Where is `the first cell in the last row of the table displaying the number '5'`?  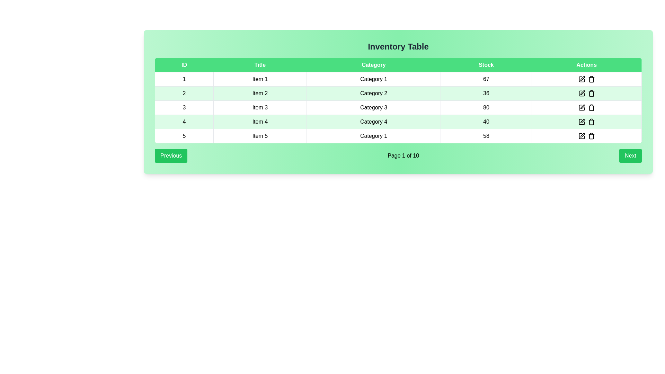 the first cell in the last row of the table displaying the number '5' is located at coordinates (184, 136).